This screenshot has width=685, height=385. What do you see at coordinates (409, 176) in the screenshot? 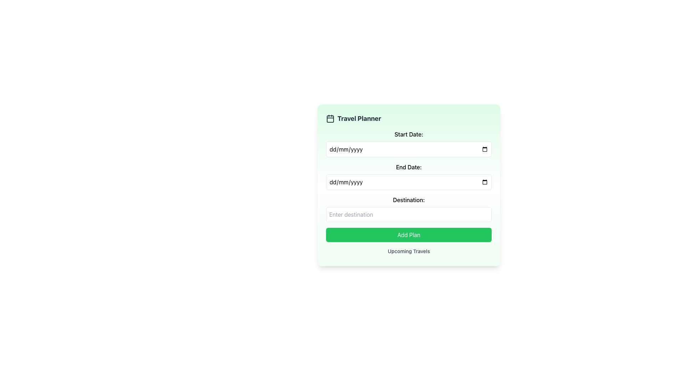
I see `the 'End Date:' input field by moving the cursor to its center point` at bounding box center [409, 176].